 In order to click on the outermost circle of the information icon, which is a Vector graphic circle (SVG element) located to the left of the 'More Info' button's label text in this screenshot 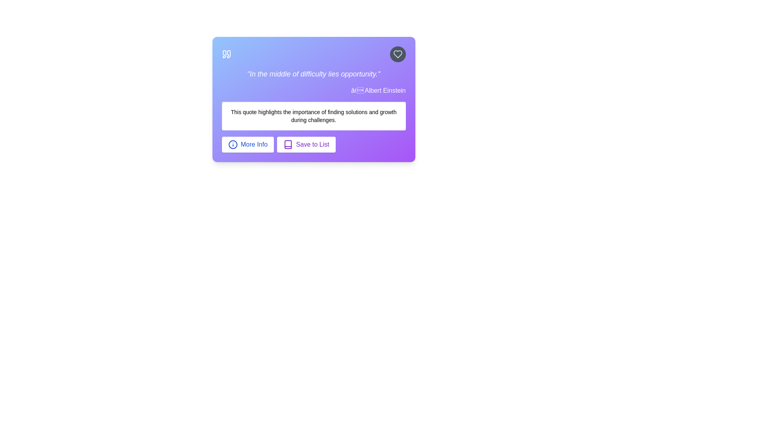, I will do `click(232, 145)`.